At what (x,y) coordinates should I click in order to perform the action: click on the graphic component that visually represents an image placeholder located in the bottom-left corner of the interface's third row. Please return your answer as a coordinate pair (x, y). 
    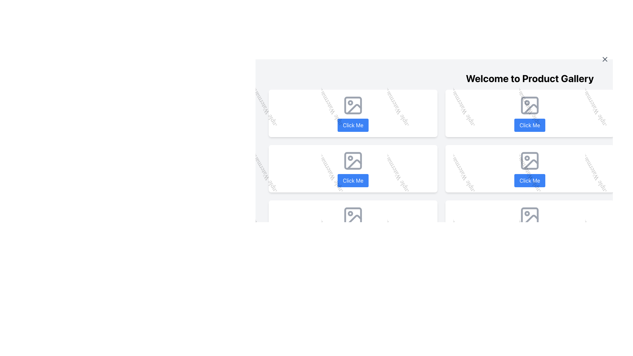
    Looking at the image, I should click on (354, 220).